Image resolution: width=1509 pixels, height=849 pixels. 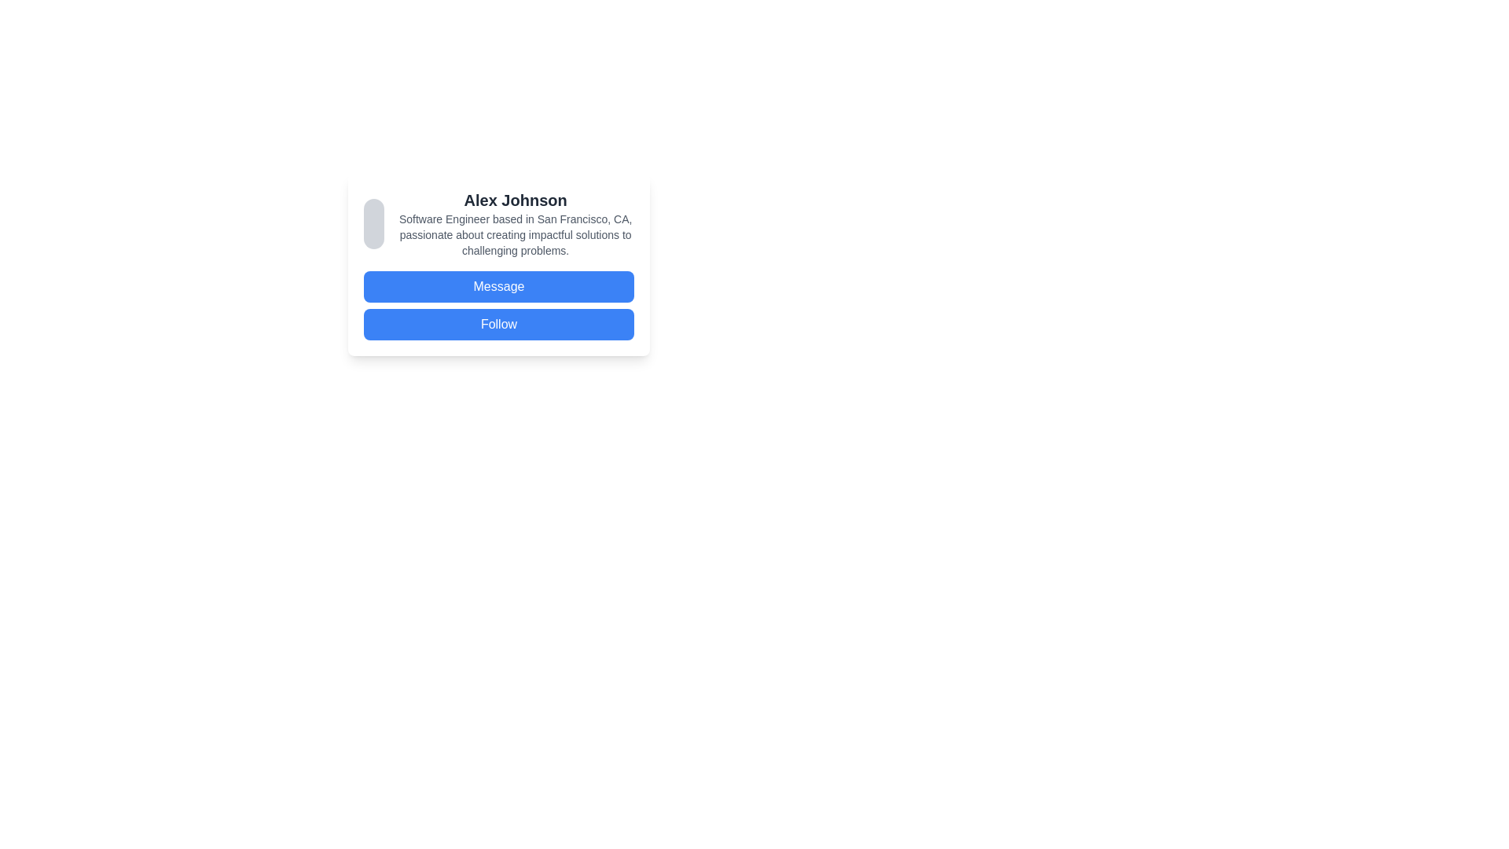 What do you see at coordinates (516, 235) in the screenshot?
I see `biographical text content located directly beneath the bolded name 'Alex Johnson' in a small, light gray font` at bounding box center [516, 235].